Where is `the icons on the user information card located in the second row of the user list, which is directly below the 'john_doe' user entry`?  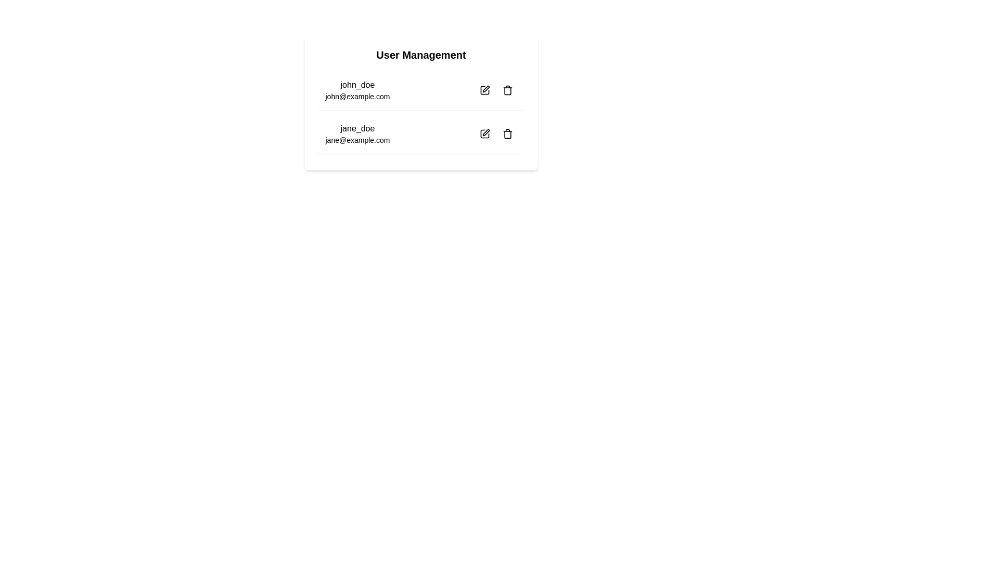
the icons on the user information card located in the second row of the user list, which is directly below the 'john_doe' user entry is located at coordinates (421, 133).